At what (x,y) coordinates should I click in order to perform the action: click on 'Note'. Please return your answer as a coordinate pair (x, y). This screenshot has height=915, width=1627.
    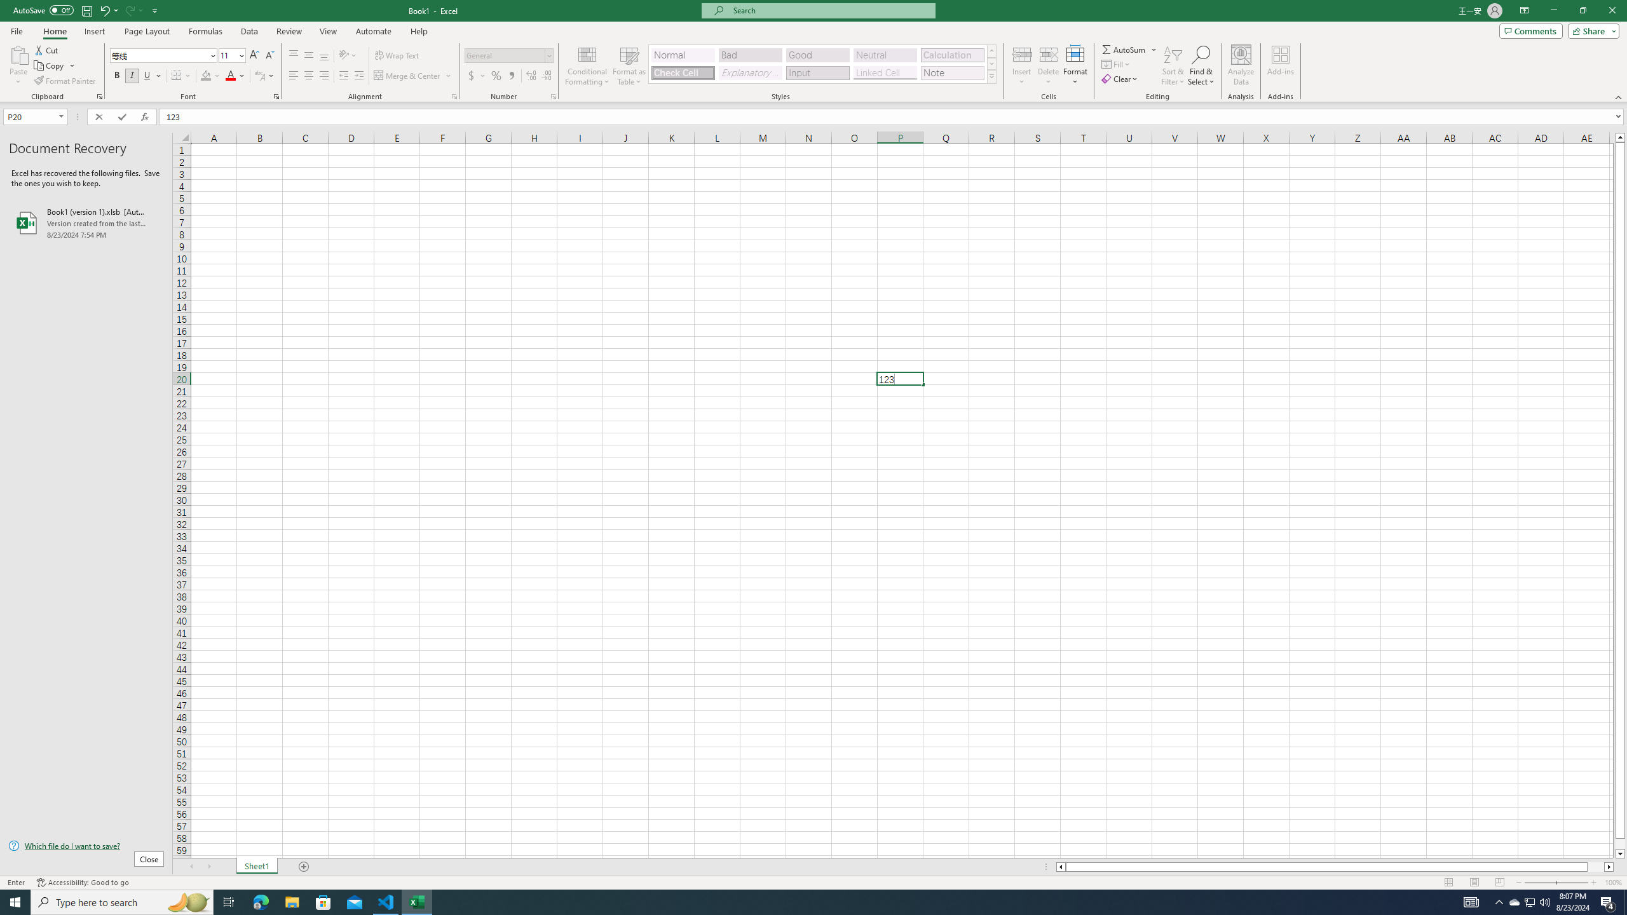
    Looking at the image, I should click on (951, 72).